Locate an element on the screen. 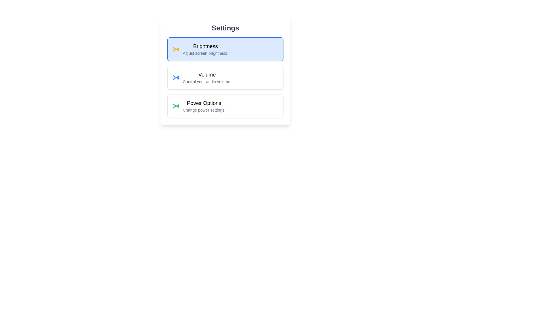  the Text Display Panel that introduces the setting for adjusting audio volume, which is the second item in the vertical list of settings options is located at coordinates (207, 77).